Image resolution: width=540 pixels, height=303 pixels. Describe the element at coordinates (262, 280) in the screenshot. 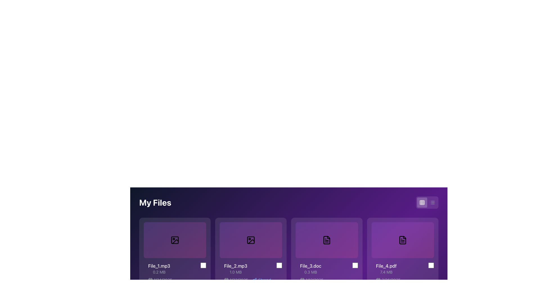

I see `the 'Shared' text label element, which is styled with a blue font and located in the file metadata section below the file thumbnail for the second file, adjacent to the '1/23/2025' date text` at that location.